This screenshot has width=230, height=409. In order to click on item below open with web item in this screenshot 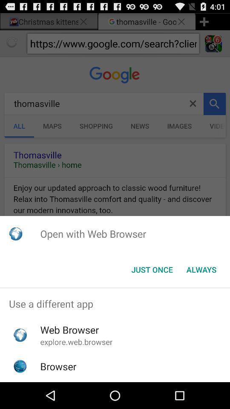, I will do `click(201, 269)`.